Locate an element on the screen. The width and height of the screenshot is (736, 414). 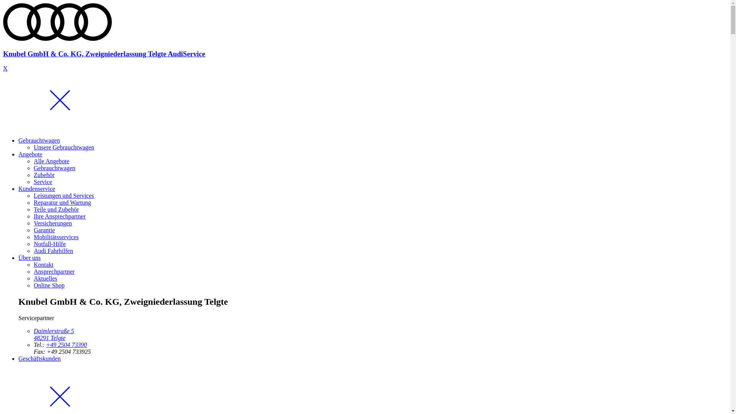
'Kontakt' is located at coordinates (43, 264).